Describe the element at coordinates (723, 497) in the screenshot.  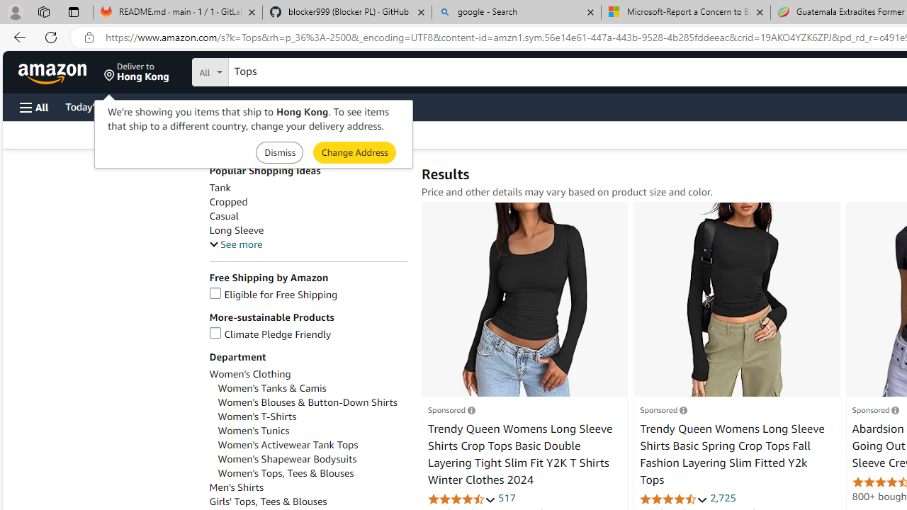
I see `'2,725'` at that location.